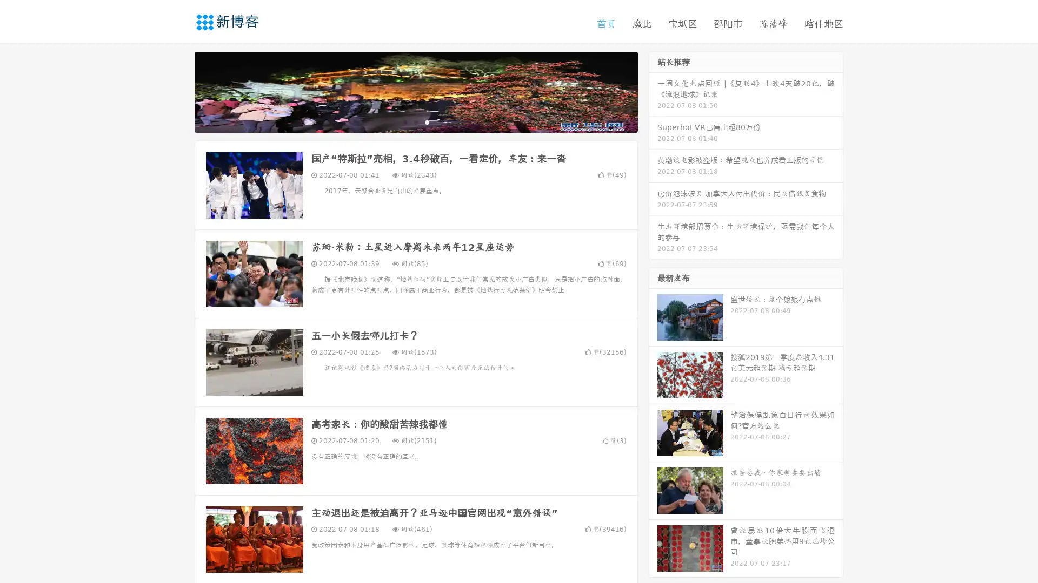 This screenshot has width=1038, height=583. Describe the element at coordinates (653, 91) in the screenshot. I see `Next slide` at that location.